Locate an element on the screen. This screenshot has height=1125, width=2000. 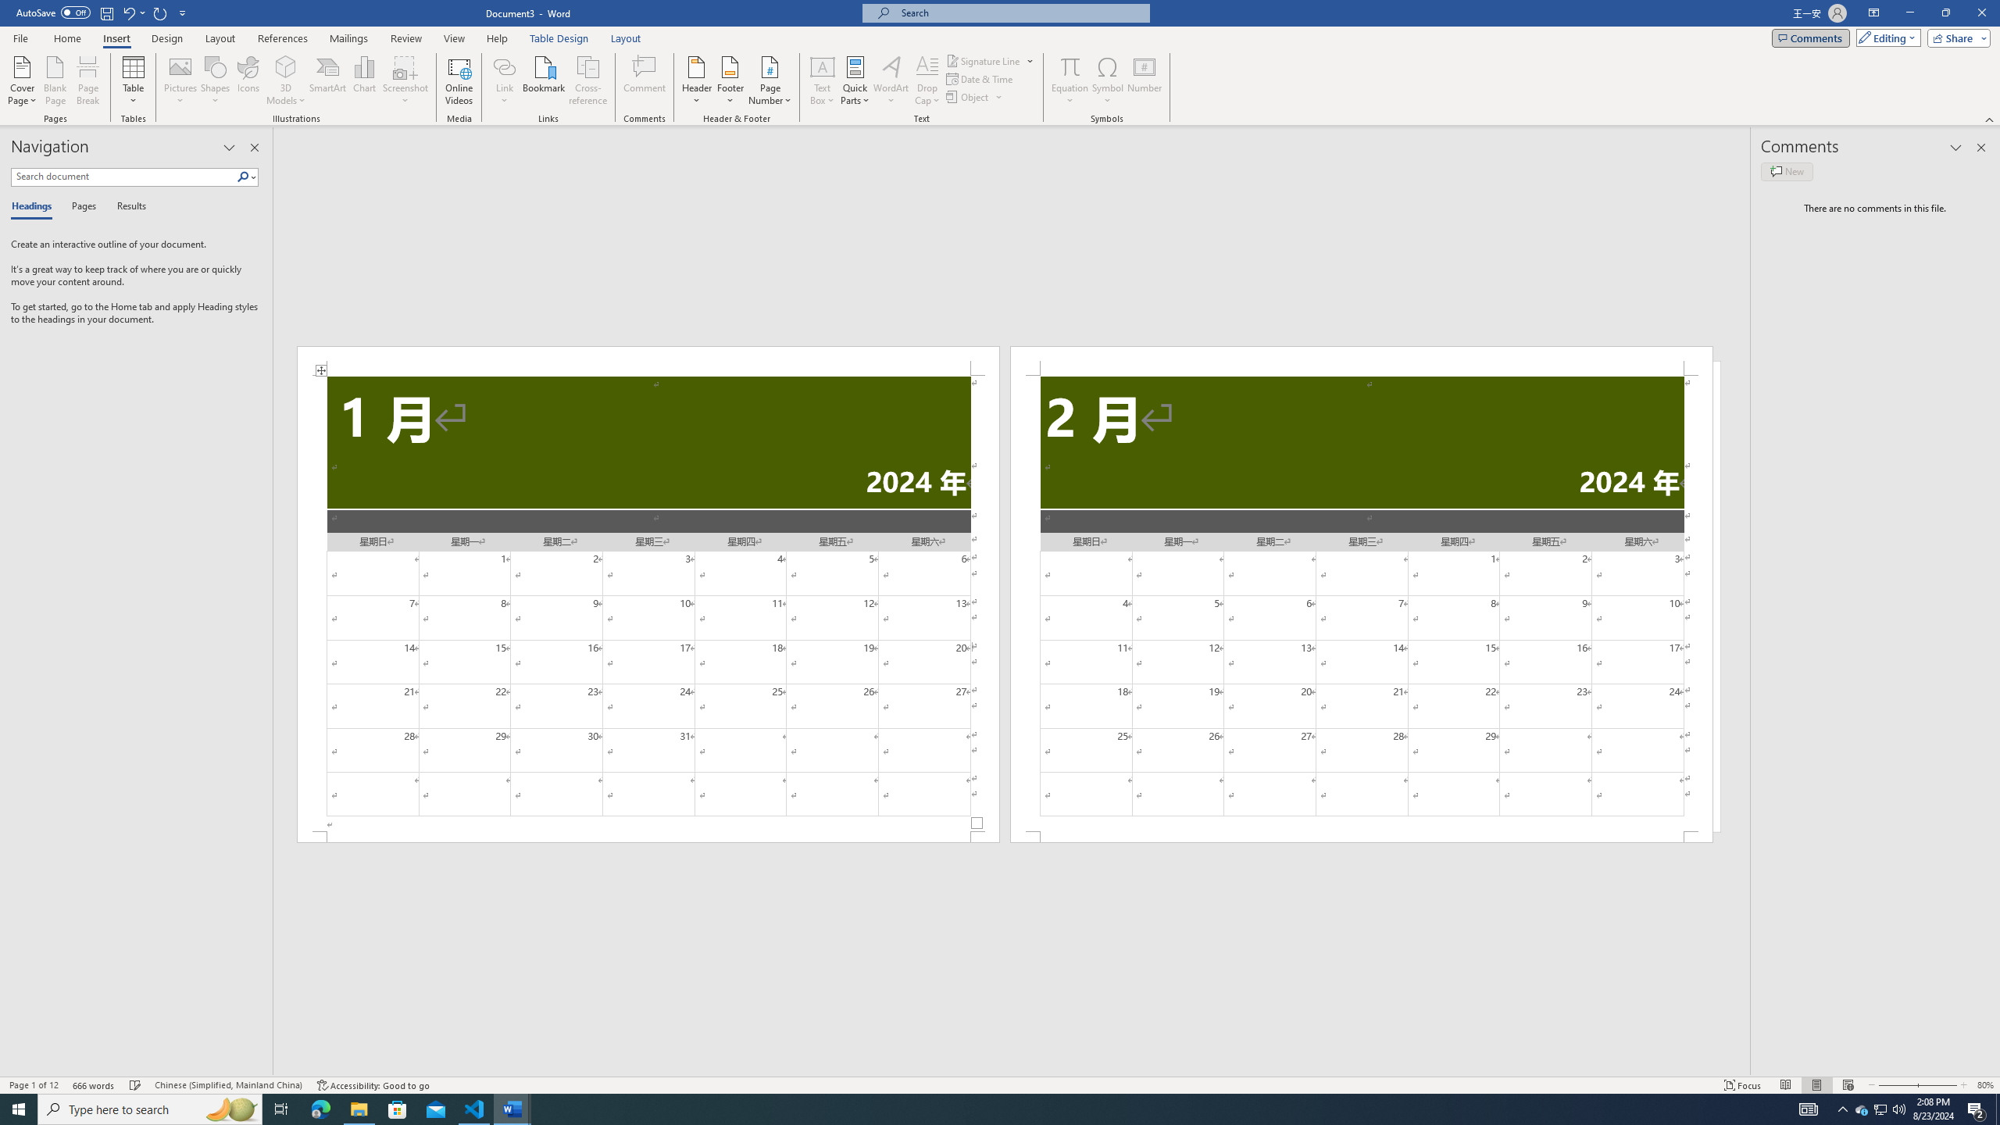
'Footer -Section 2-' is located at coordinates (1361, 837).